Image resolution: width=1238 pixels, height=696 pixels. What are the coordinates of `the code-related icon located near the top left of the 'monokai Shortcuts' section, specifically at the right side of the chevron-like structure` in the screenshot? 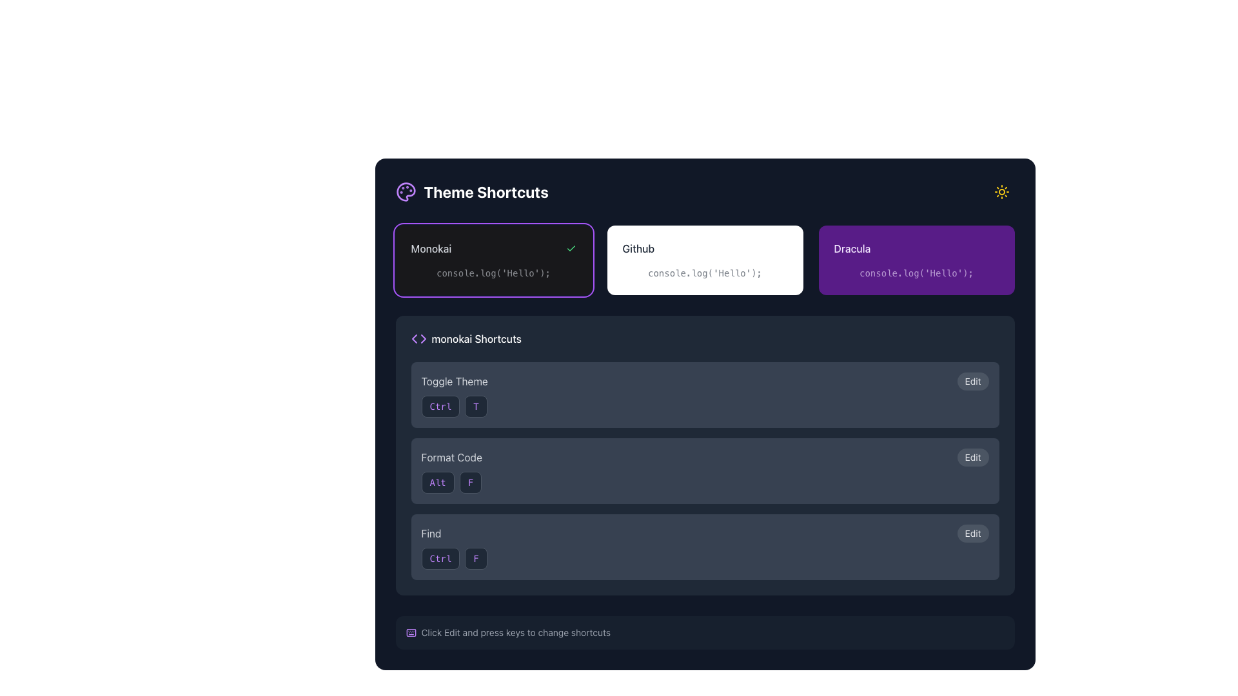 It's located at (423, 338).